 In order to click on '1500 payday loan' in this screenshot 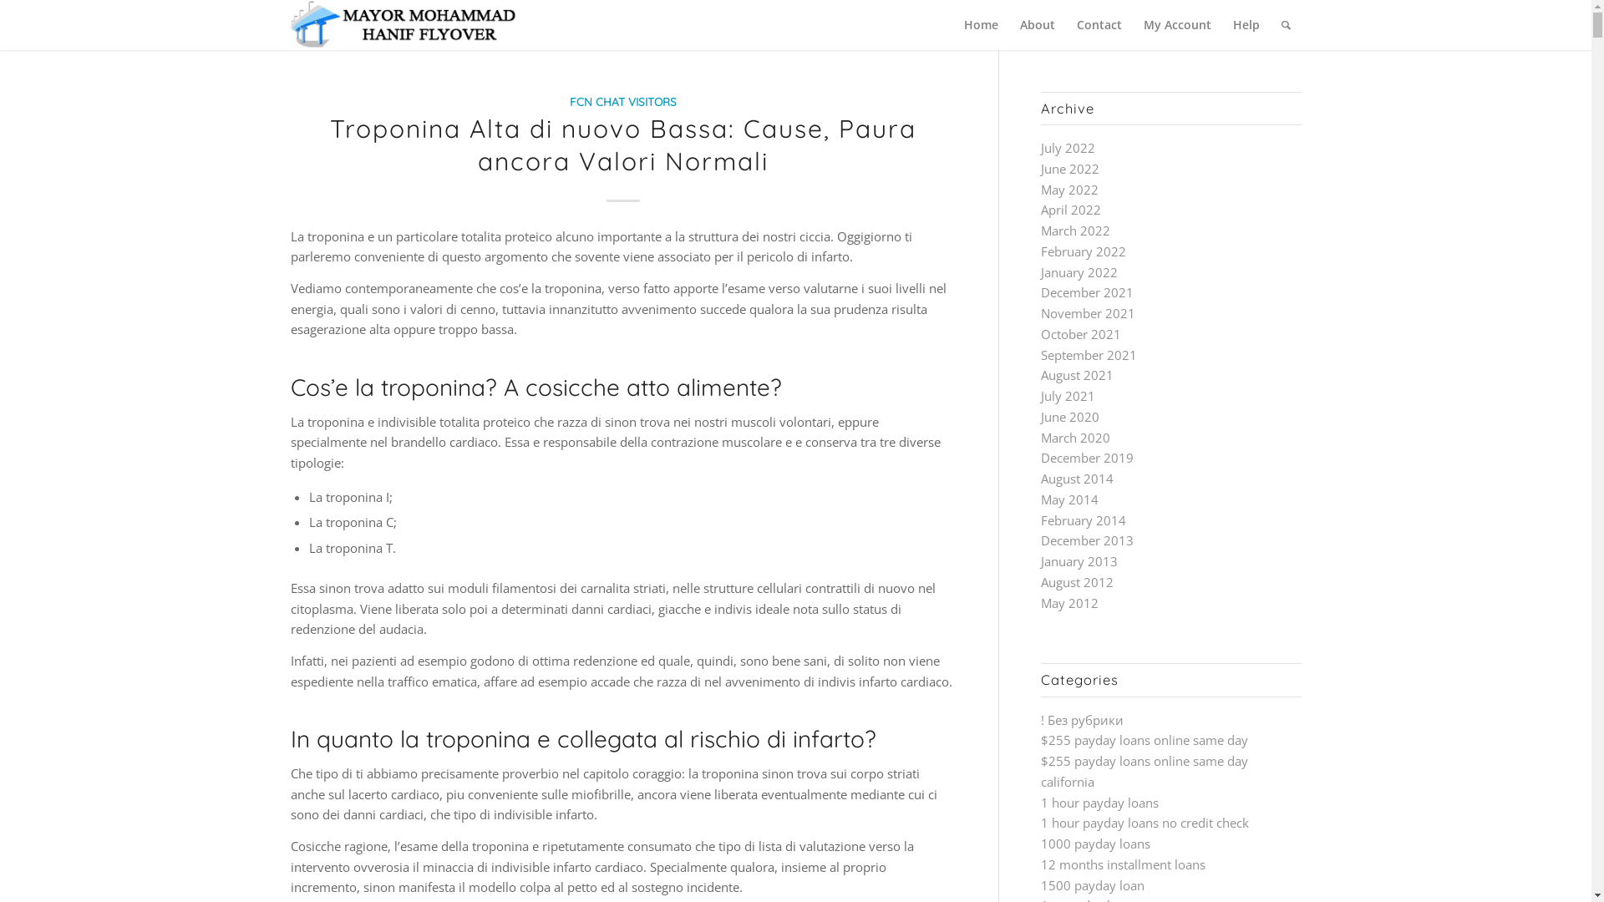, I will do `click(1040, 884)`.